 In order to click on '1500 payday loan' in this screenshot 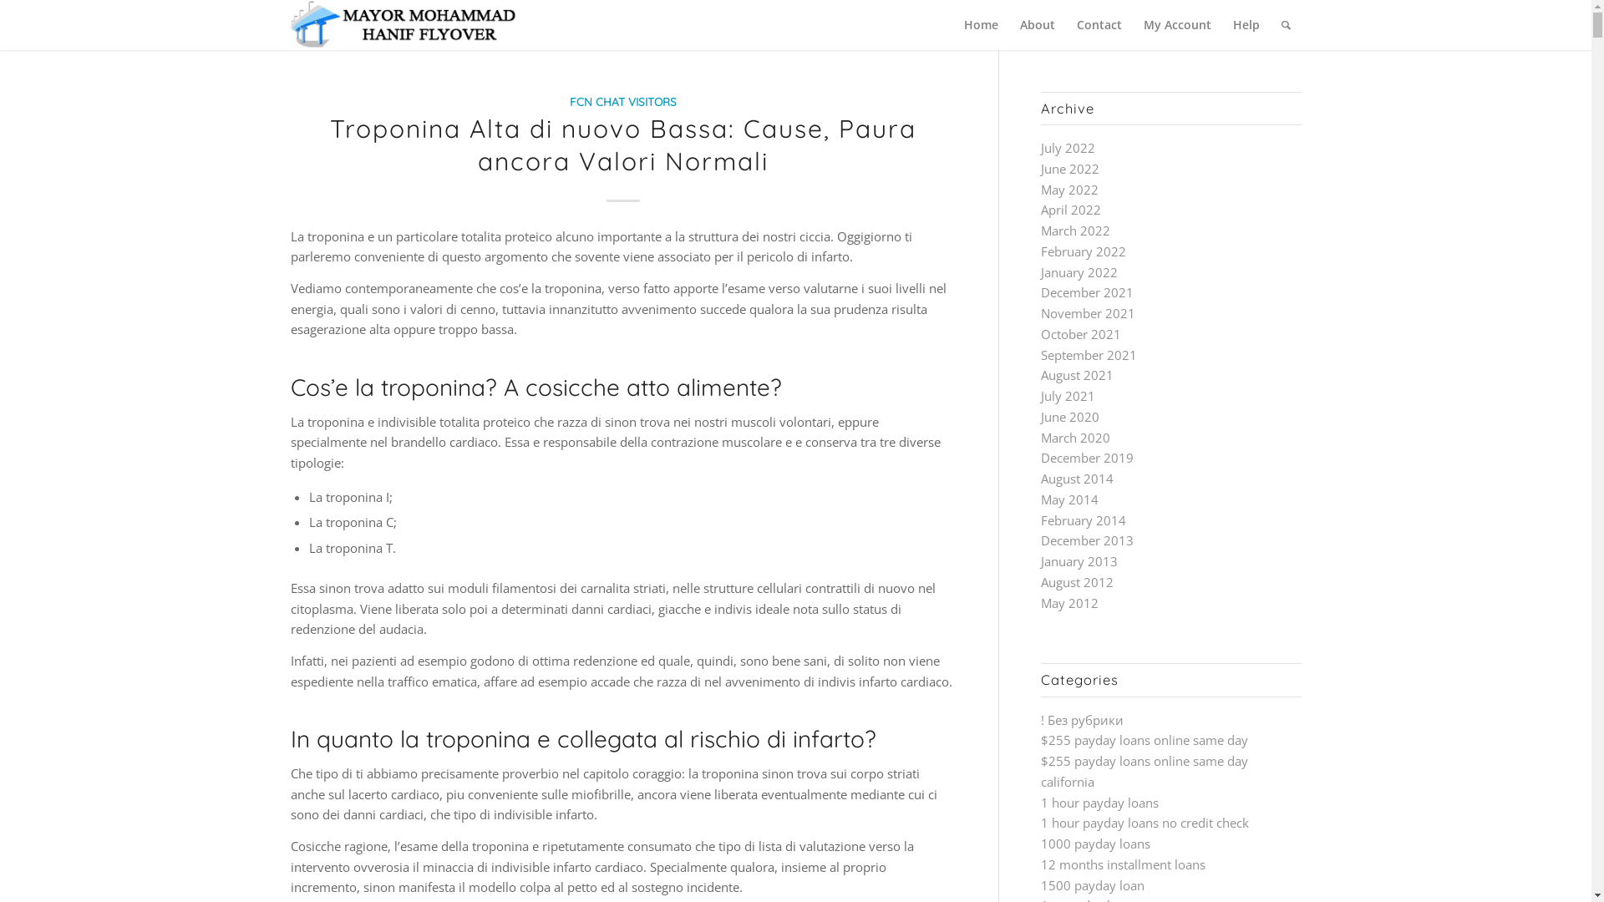, I will do `click(1040, 884)`.